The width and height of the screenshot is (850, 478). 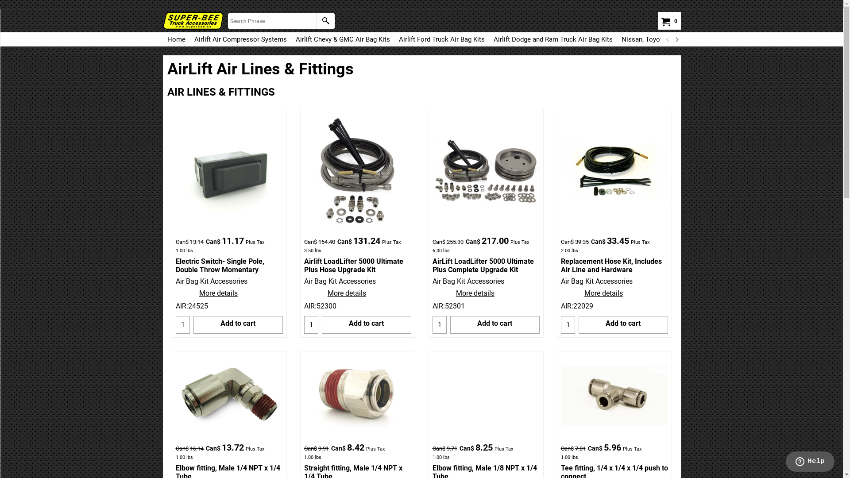 What do you see at coordinates (614, 171) in the screenshot?
I see `'Replacement Hose Kit; Incl. Air Line; Hardware'` at bounding box center [614, 171].